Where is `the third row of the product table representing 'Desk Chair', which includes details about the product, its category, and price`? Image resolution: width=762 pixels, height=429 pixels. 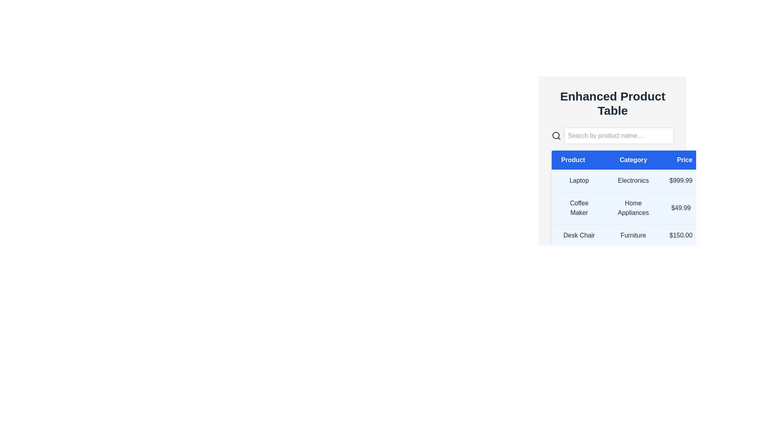
the third row of the product table representing 'Desk Chair', which includes details about the product, its category, and price is located at coordinates (626, 235).